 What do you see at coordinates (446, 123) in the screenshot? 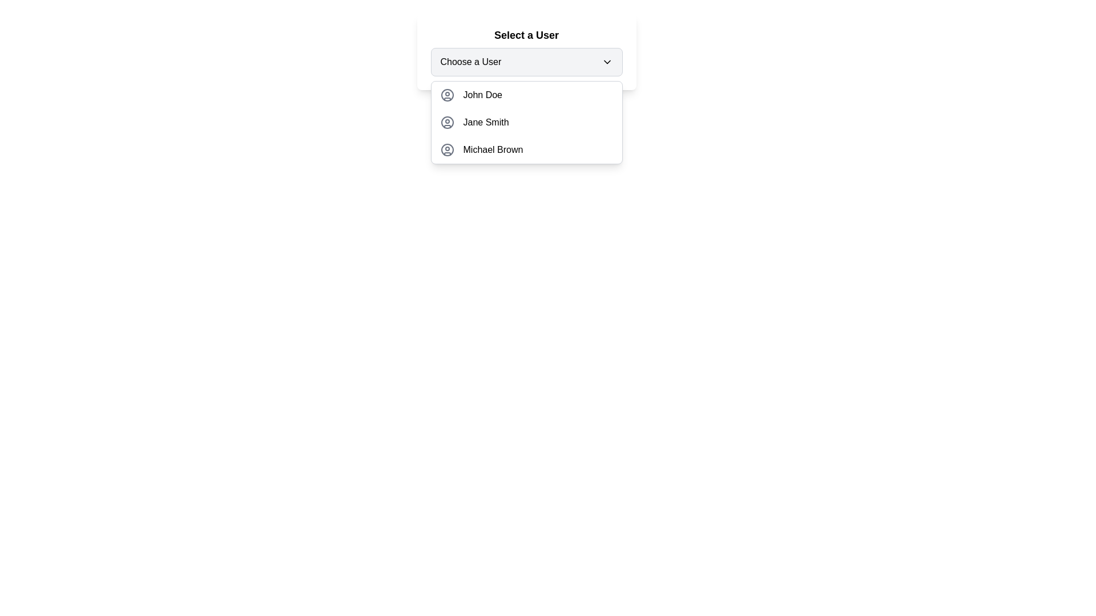
I see `the user profile icon, which is a gray circular icon with a line-drawn appearance, located to the left of the text 'Jane Smith'` at bounding box center [446, 123].